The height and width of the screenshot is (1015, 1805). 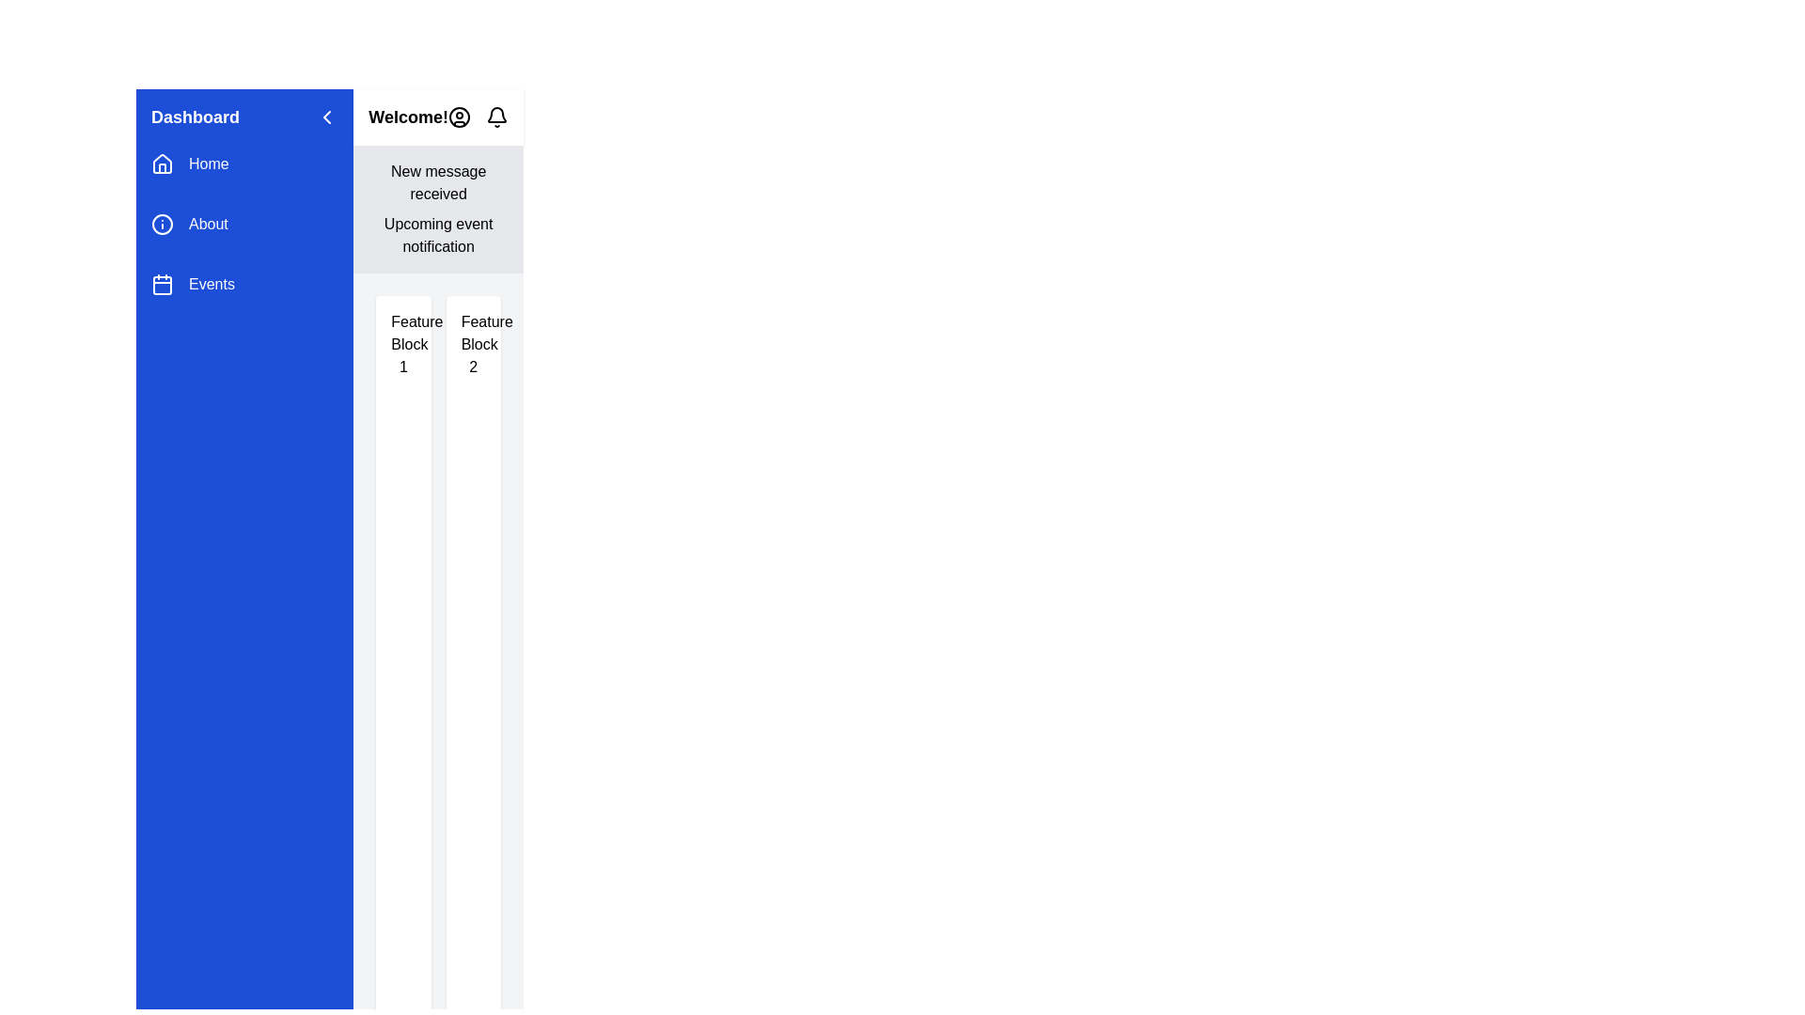 I want to click on the navigation icon button located at the far-right side of the blue header bar labeled 'Dashboard', so click(x=327, y=117).